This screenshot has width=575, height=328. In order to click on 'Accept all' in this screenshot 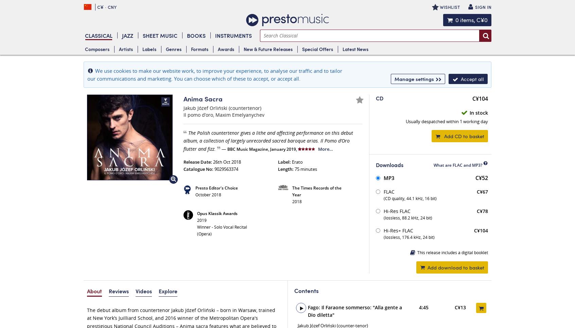, I will do `click(472, 79)`.